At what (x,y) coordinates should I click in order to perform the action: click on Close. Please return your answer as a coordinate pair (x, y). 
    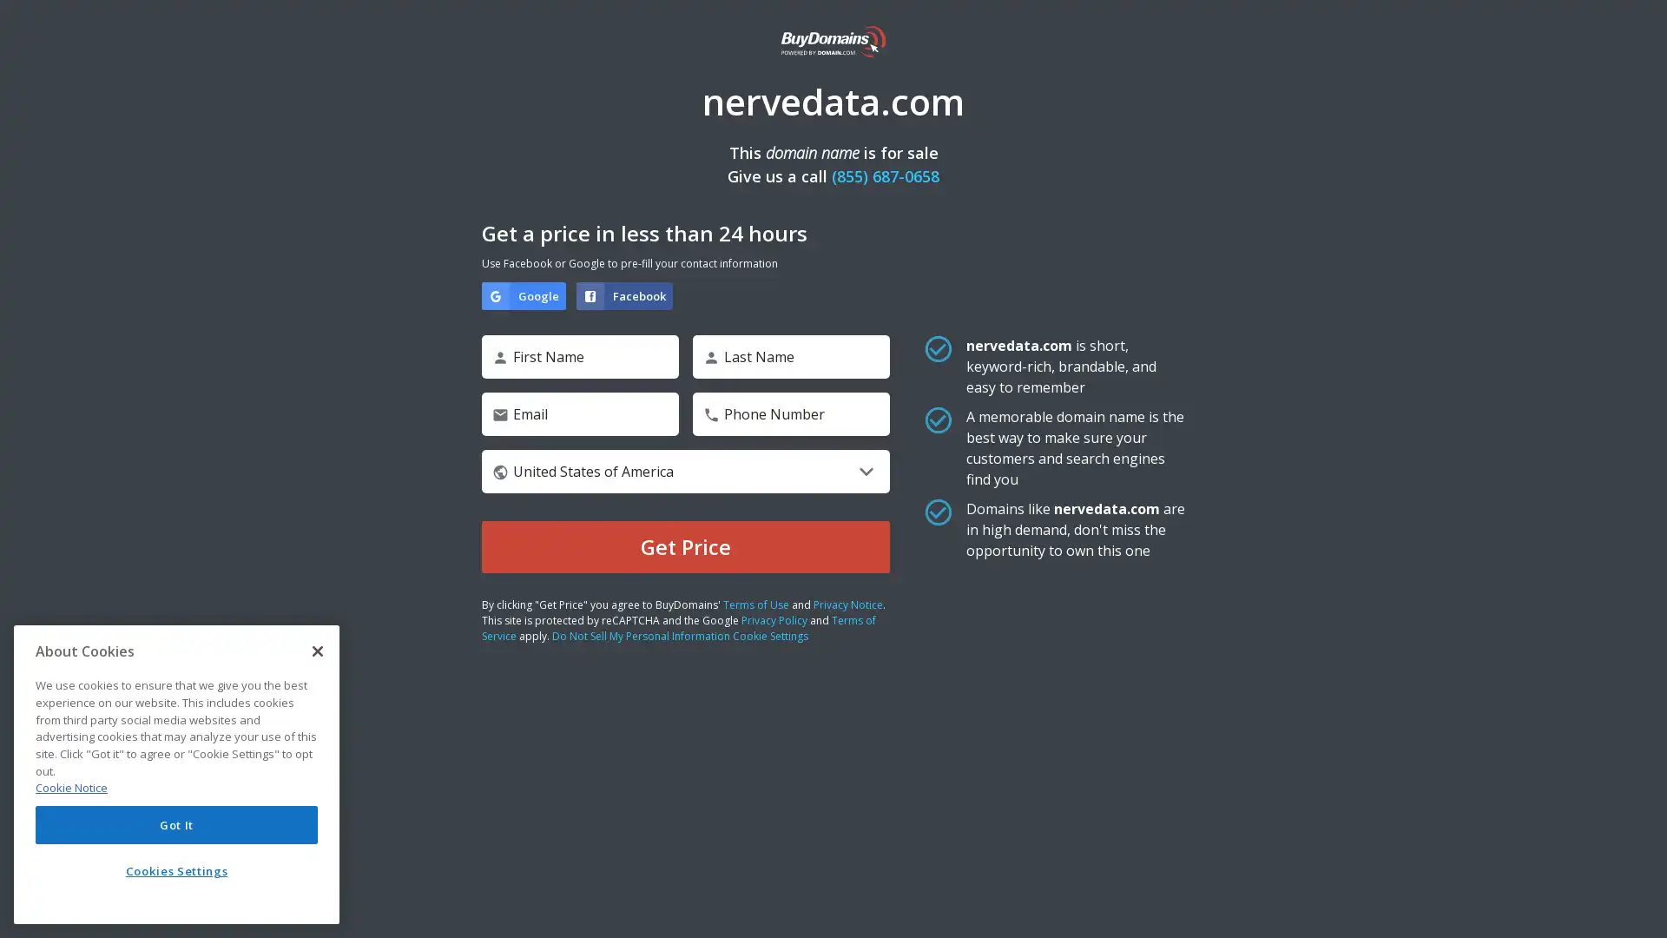
    Looking at the image, I should click on (317, 651).